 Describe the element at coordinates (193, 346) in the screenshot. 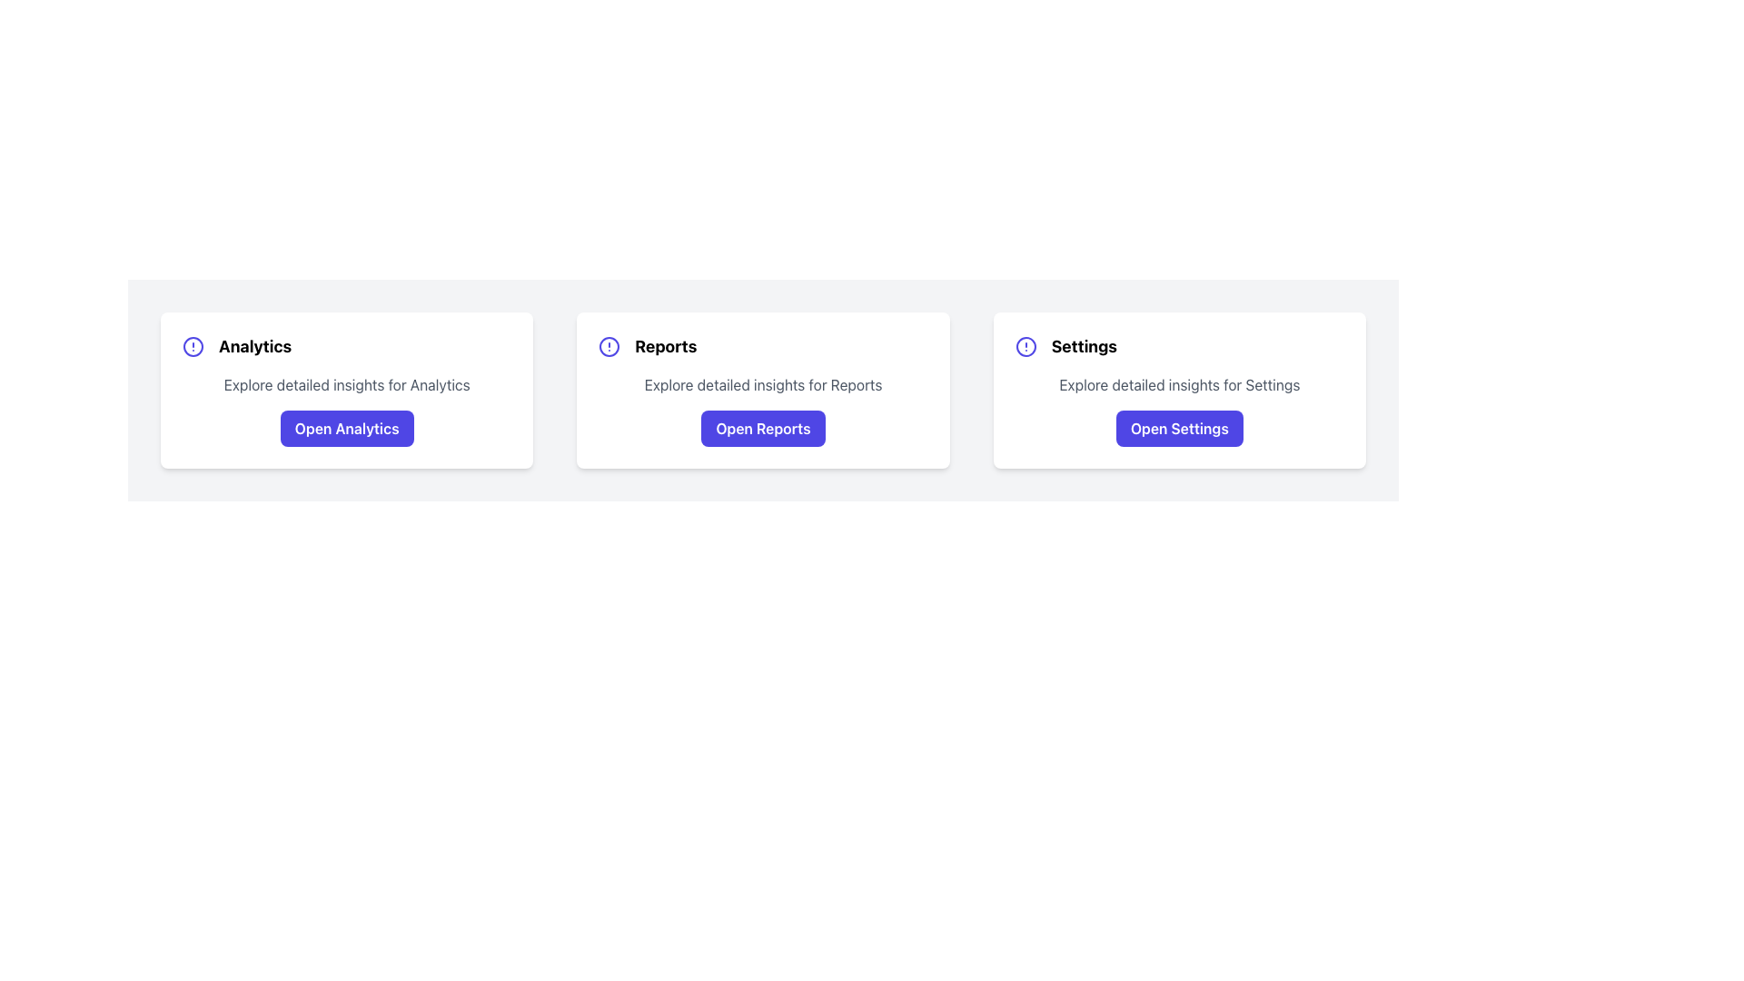

I see `the alert icon located to the left of the 'Analytics' title to interact with it if enabled` at that location.